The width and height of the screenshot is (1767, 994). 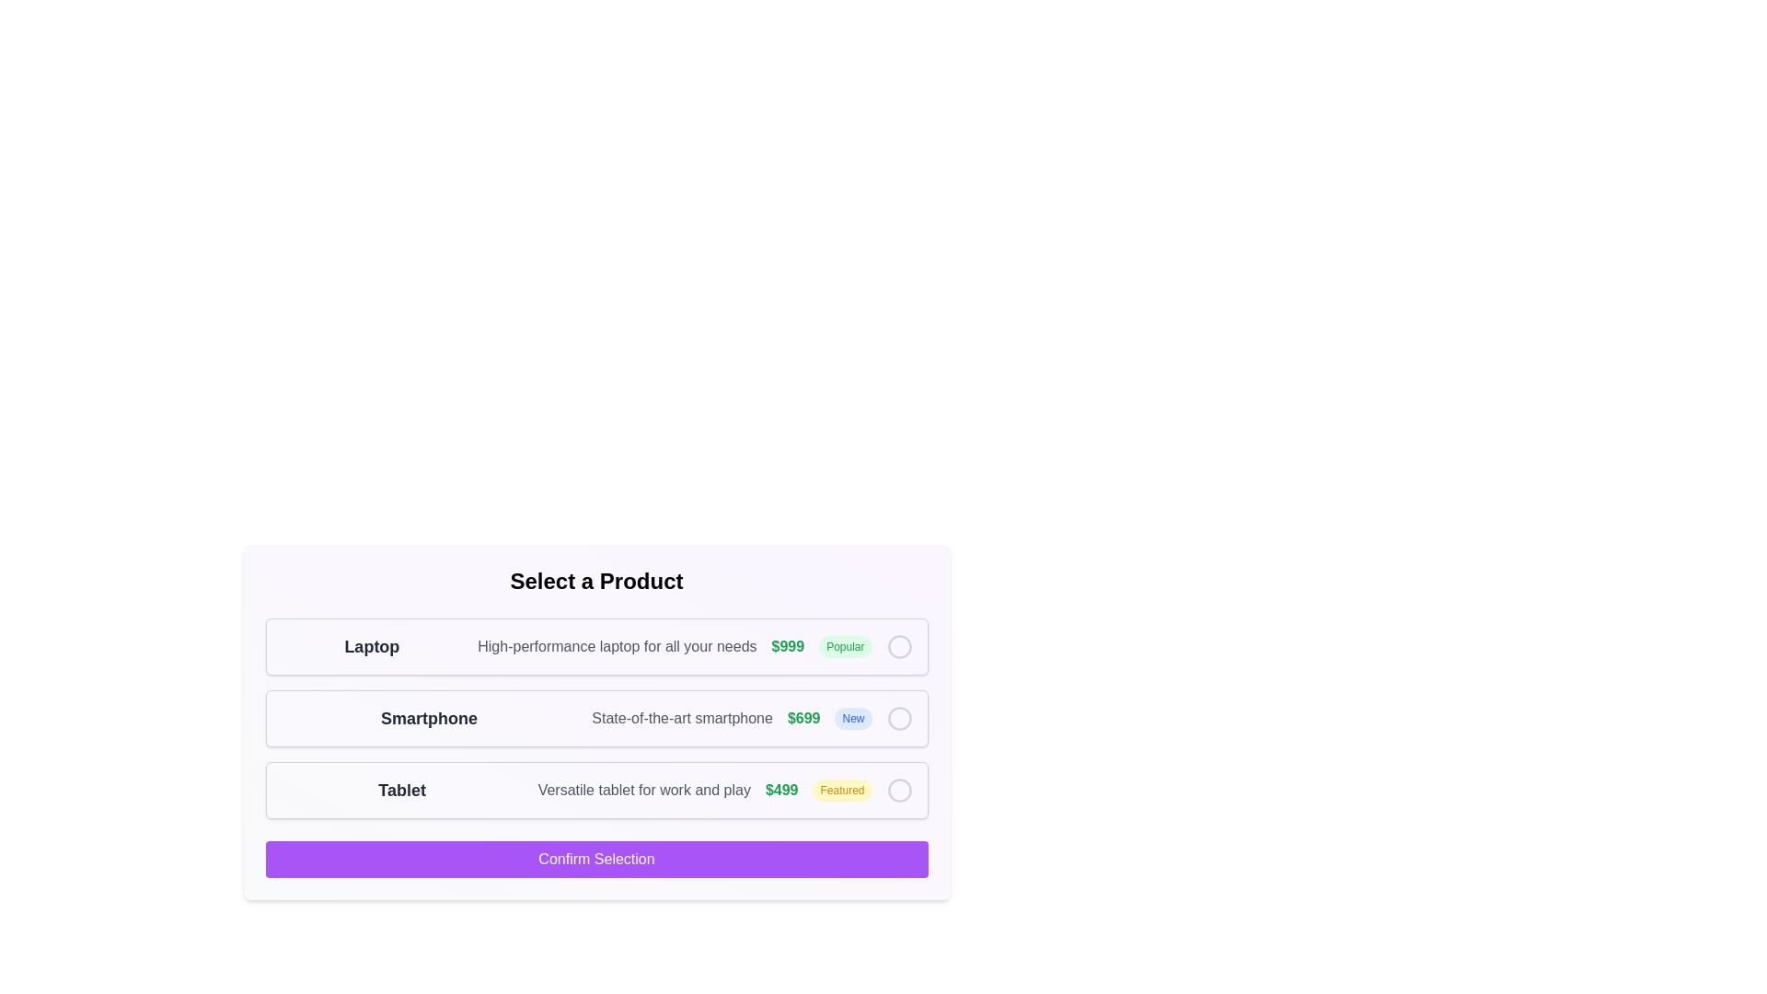 I want to click on the circular radio button indicator, so click(x=899, y=645).